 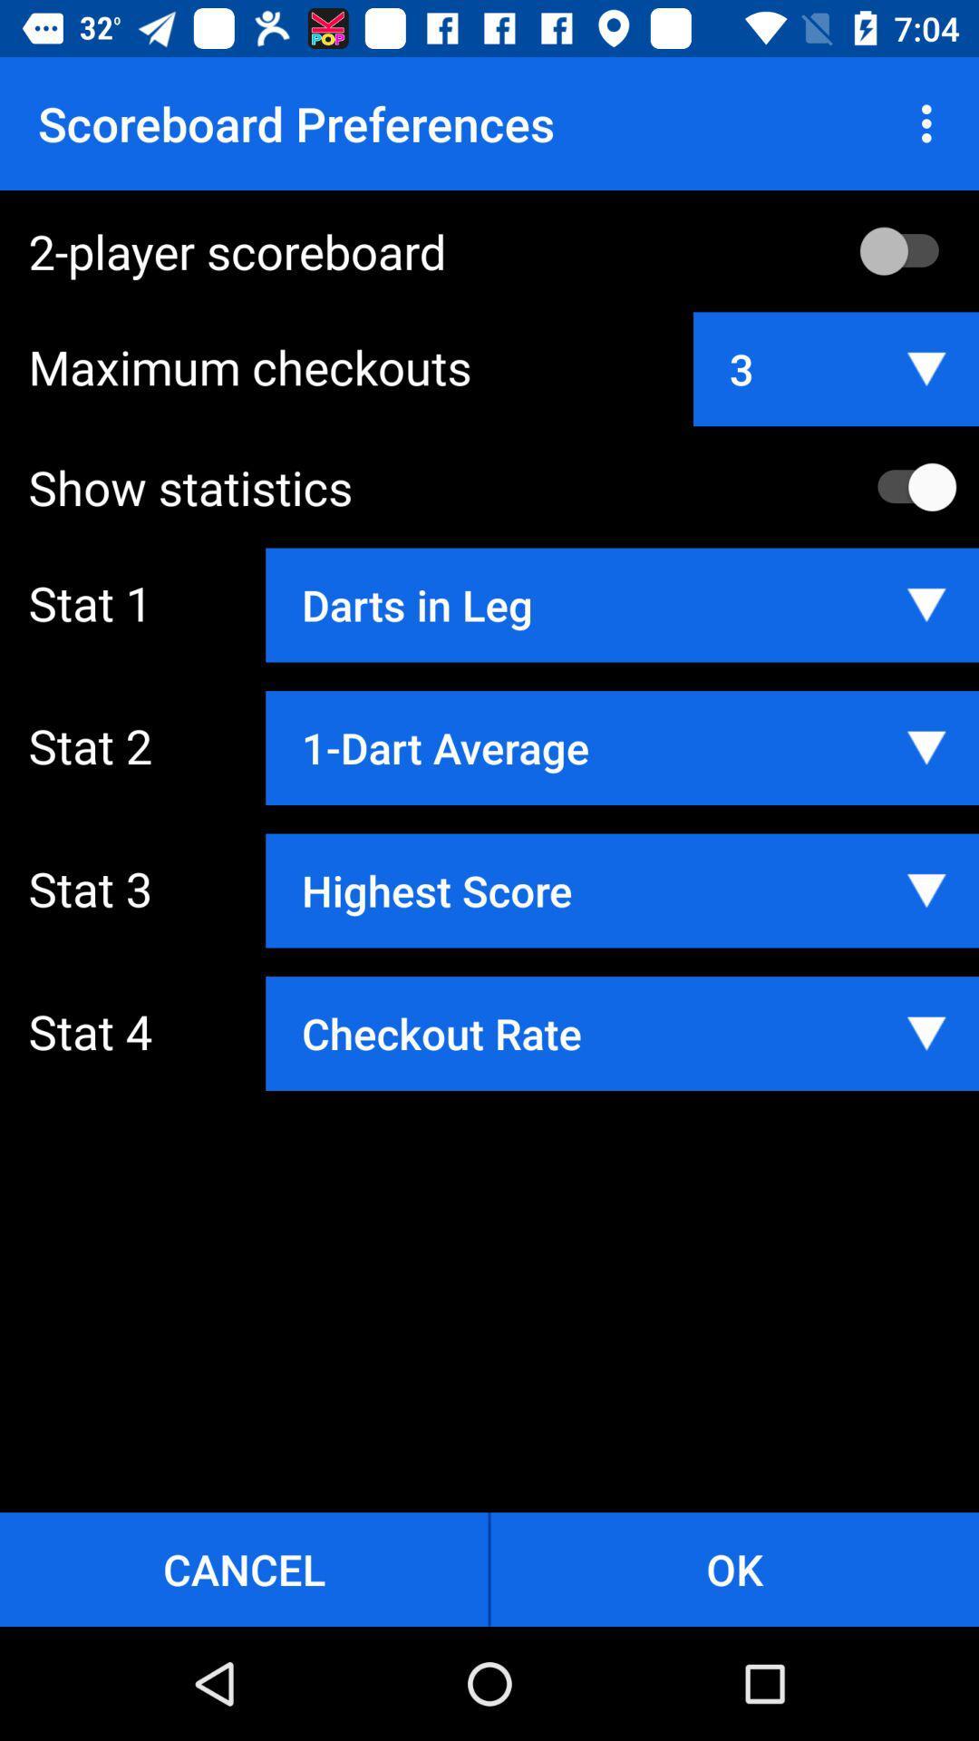 I want to click on item to the right of the stat 4, so click(x=621, y=1034).